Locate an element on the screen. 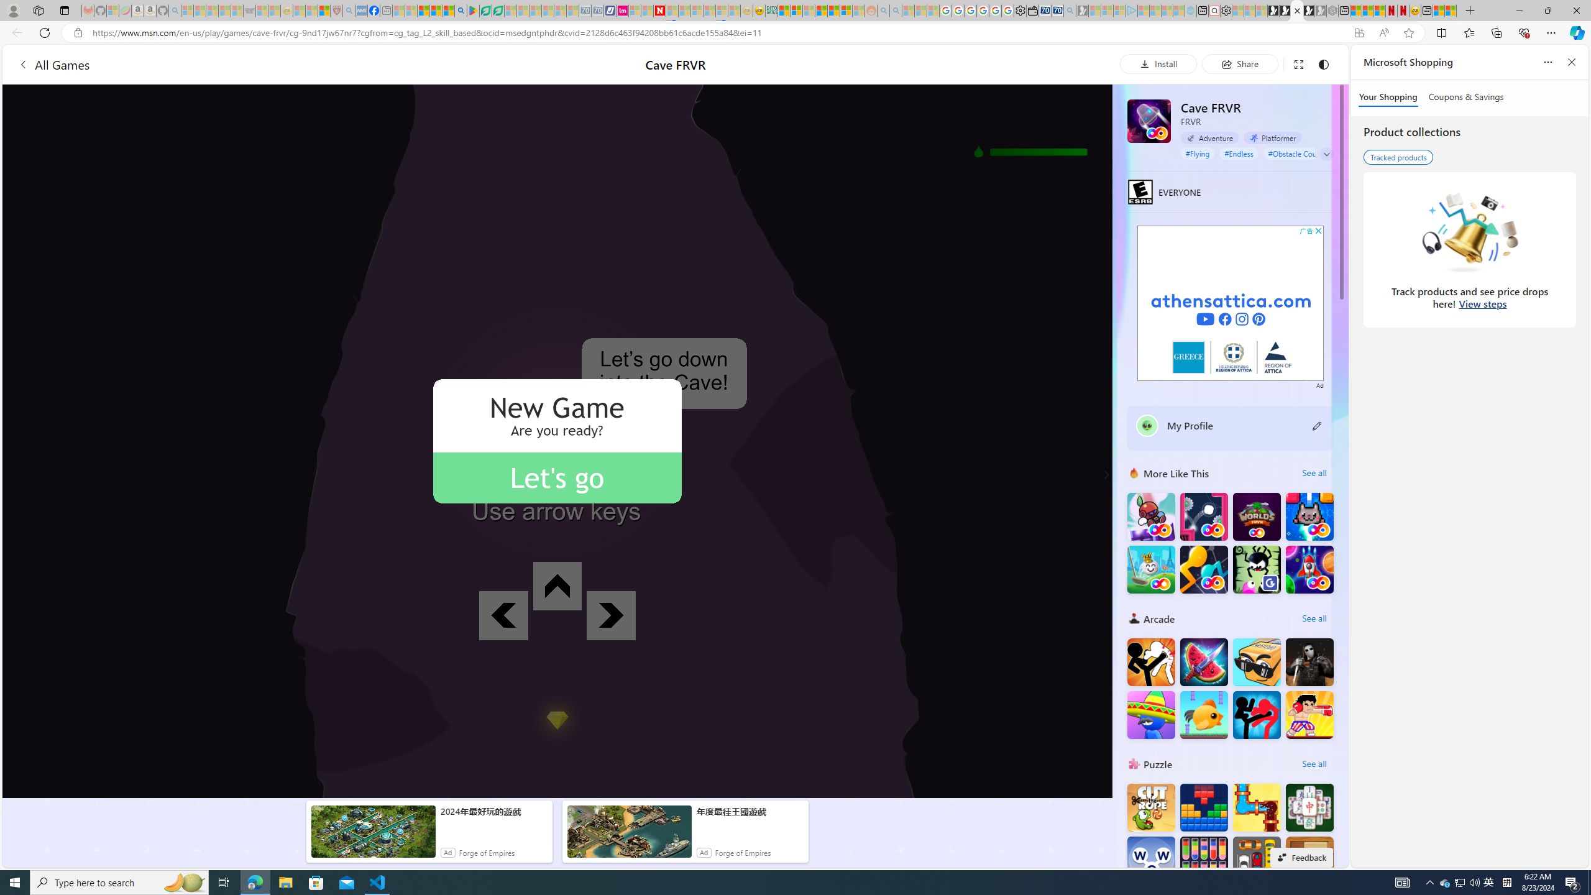 The image size is (1591, 895). 'Share' is located at coordinates (1239, 63).